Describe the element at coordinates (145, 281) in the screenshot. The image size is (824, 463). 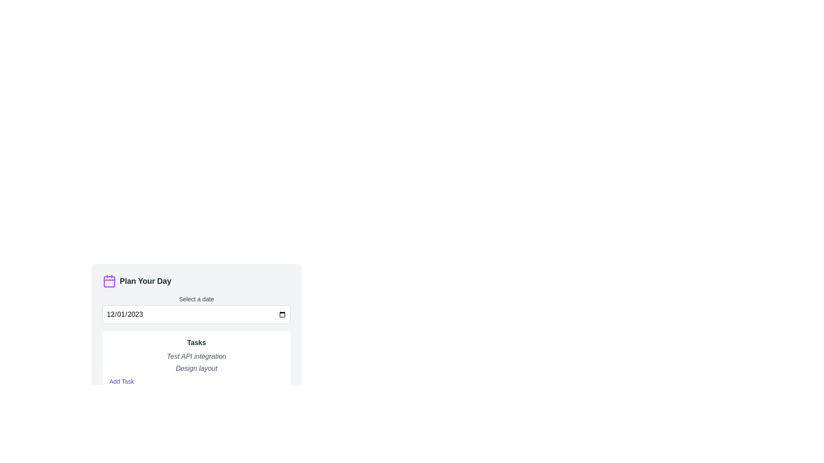
I see `the text label that serves as the header for the task planning section, located immediately to the right of the purple calendar icon in the upper portion of the planner interface` at that location.